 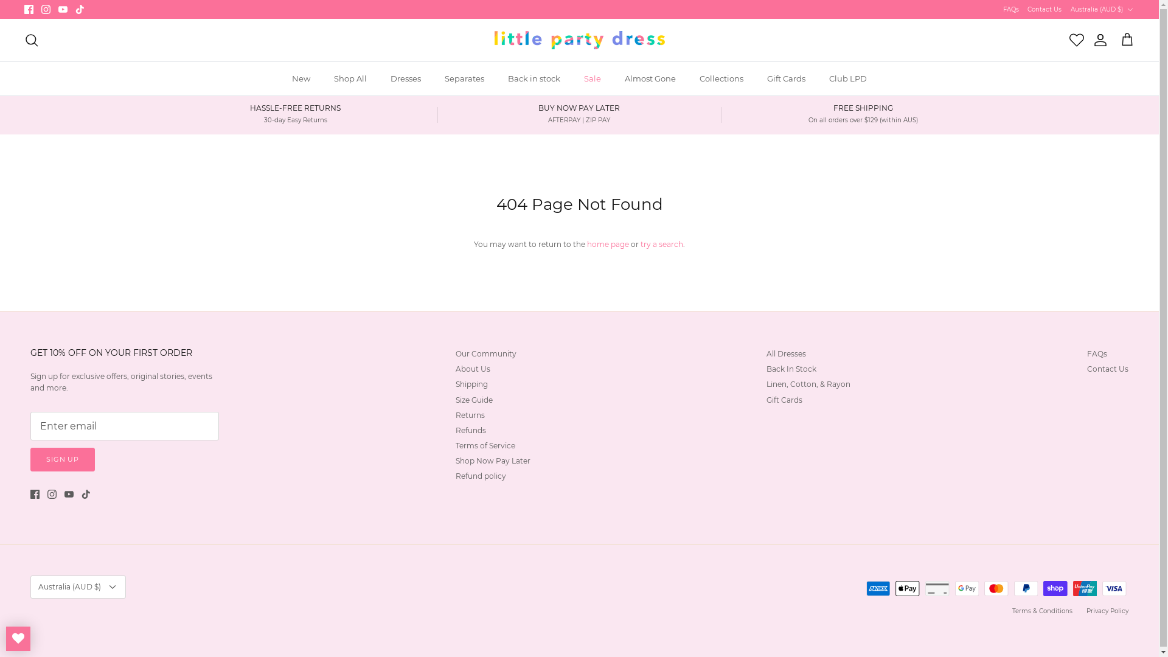 What do you see at coordinates (32, 39) in the screenshot?
I see `'Search'` at bounding box center [32, 39].